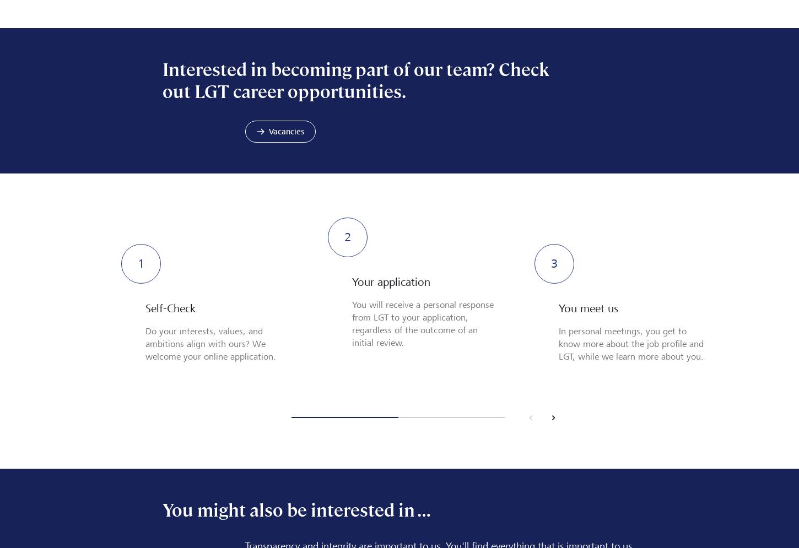 This screenshot has width=799, height=548. What do you see at coordinates (423, 322) in the screenshot?
I see `'You will receive a personal response from LGT to your application, regardless of the outcome of an initial review.'` at bounding box center [423, 322].